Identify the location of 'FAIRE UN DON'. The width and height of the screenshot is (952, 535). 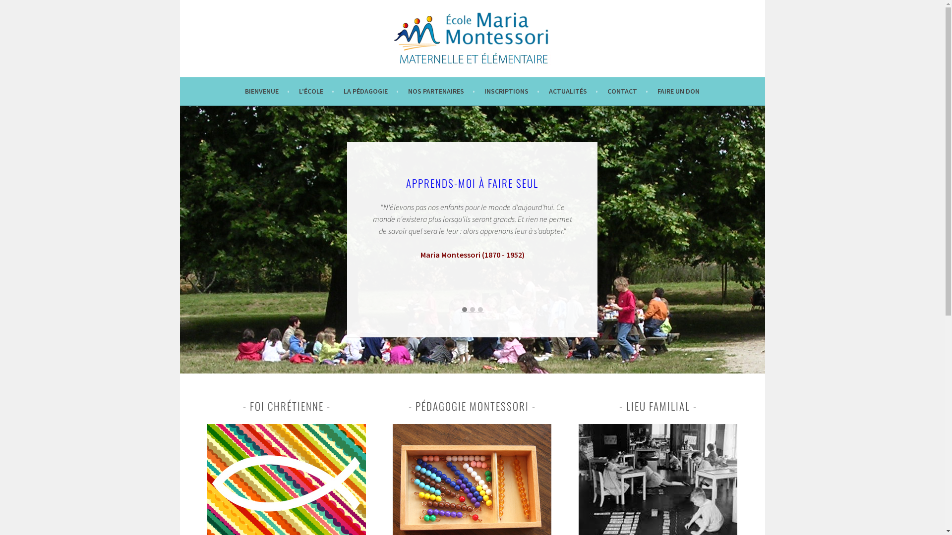
(678, 91).